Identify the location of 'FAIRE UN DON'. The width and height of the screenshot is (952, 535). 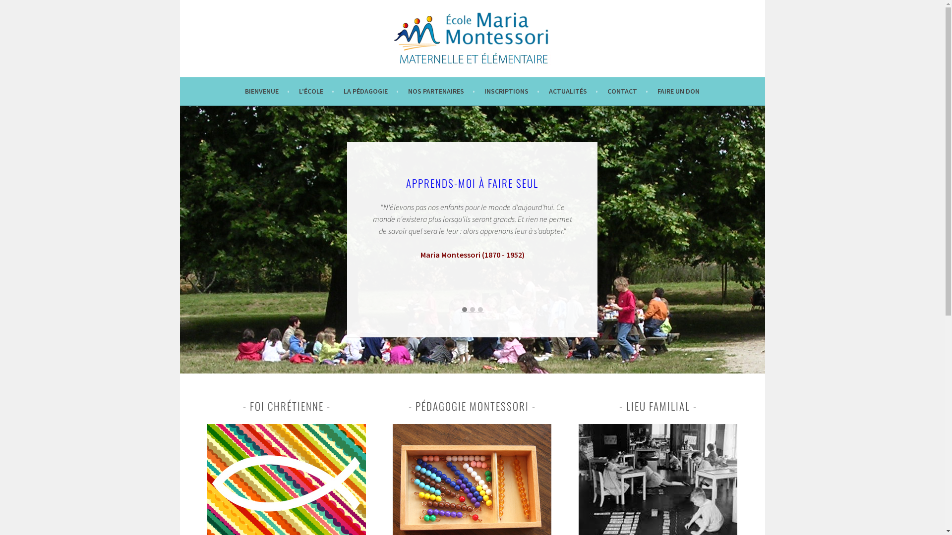
(678, 91).